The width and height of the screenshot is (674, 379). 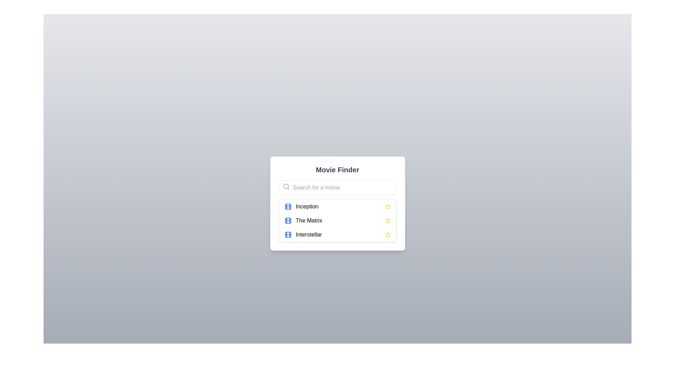 What do you see at coordinates (309, 234) in the screenshot?
I see `the static text label 'Interstellar'` at bounding box center [309, 234].